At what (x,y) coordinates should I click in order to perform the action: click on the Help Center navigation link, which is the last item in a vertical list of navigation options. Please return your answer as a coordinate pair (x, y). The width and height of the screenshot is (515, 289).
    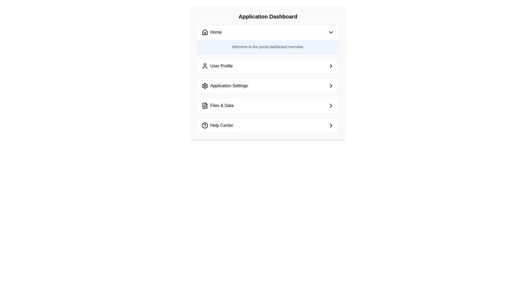
    Looking at the image, I should click on (268, 126).